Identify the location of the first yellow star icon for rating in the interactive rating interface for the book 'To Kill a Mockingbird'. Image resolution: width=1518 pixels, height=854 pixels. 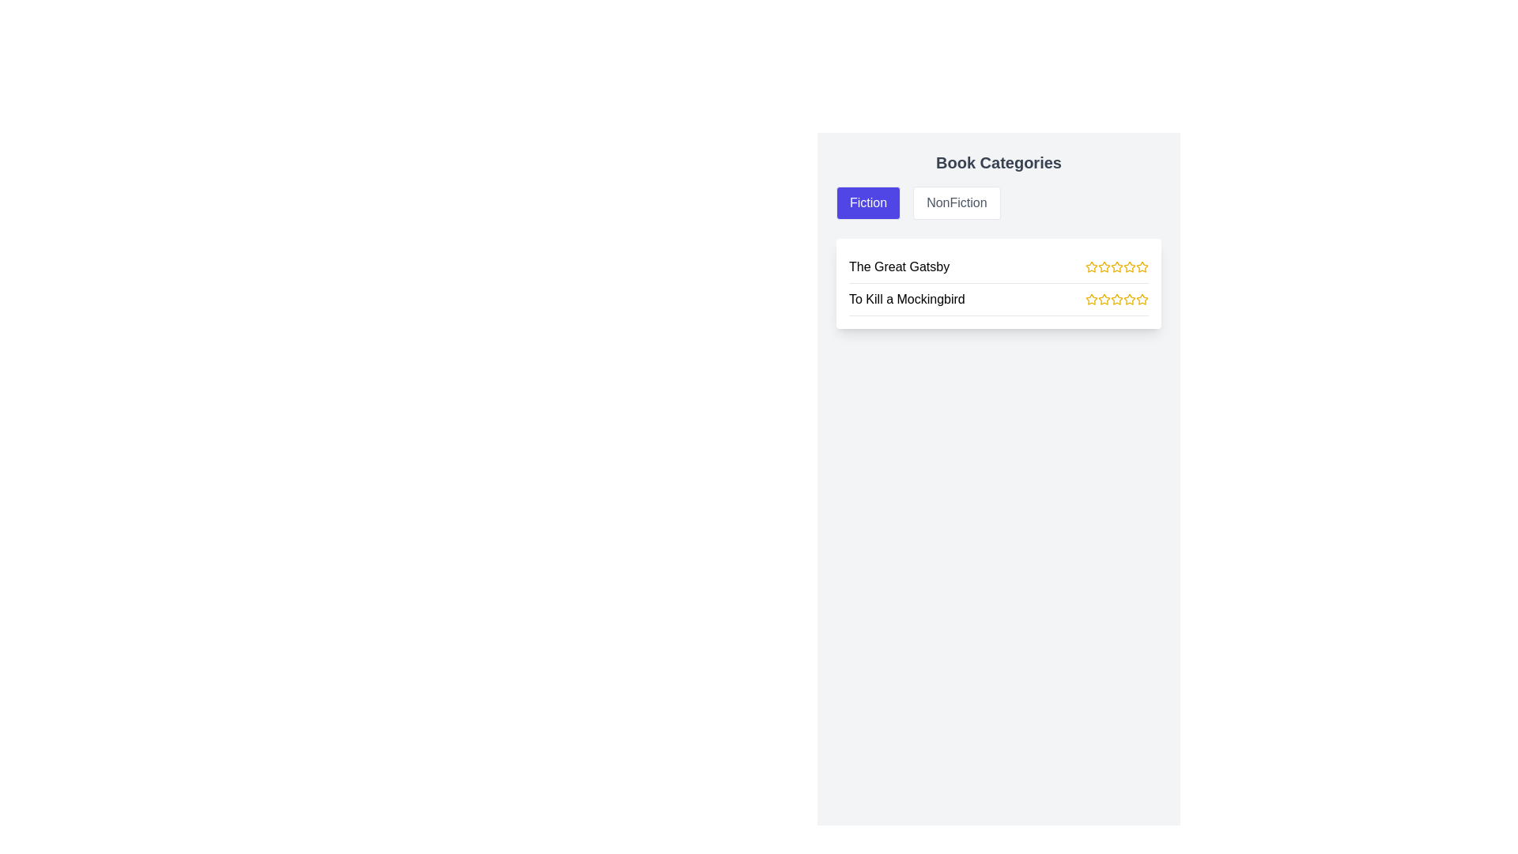
(1091, 299).